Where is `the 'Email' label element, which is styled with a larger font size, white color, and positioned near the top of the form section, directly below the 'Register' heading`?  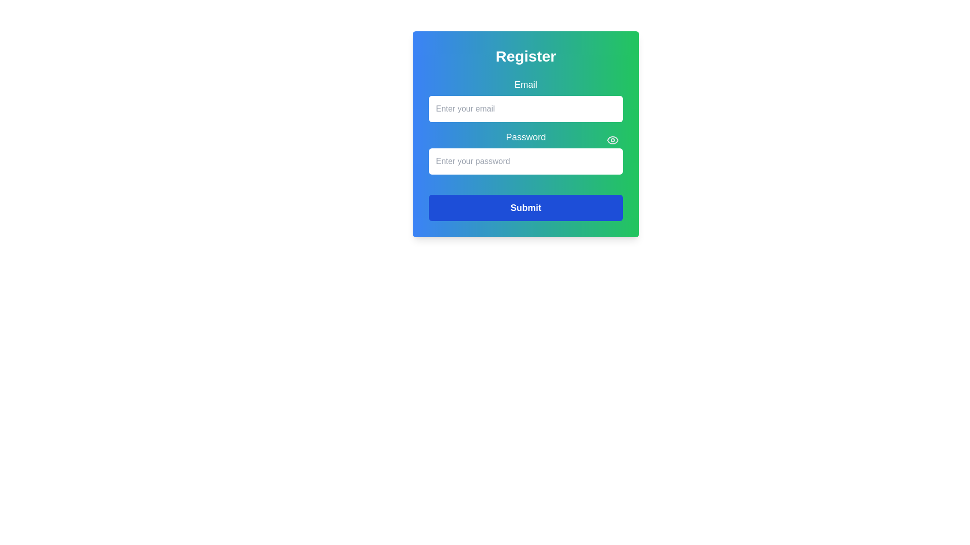 the 'Email' label element, which is styled with a larger font size, white color, and positioned near the top of the form section, directly below the 'Register' heading is located at coordinates (525, 84).